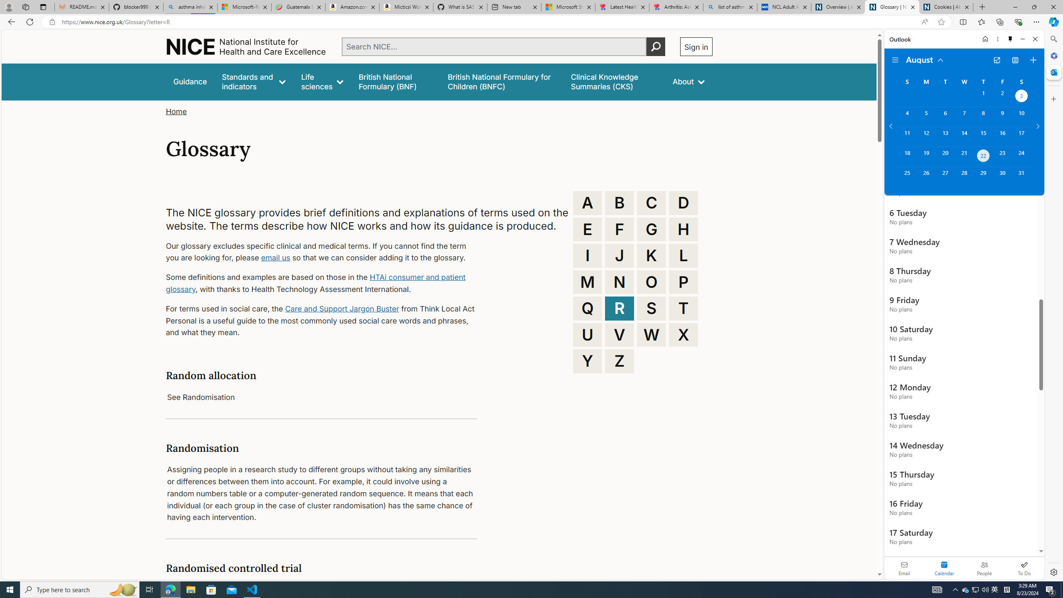 The width and height of the screenshot is (1063, 598). Describe the element at coordinates (683, 202) in the screenshot. I see `'D'` at that location.